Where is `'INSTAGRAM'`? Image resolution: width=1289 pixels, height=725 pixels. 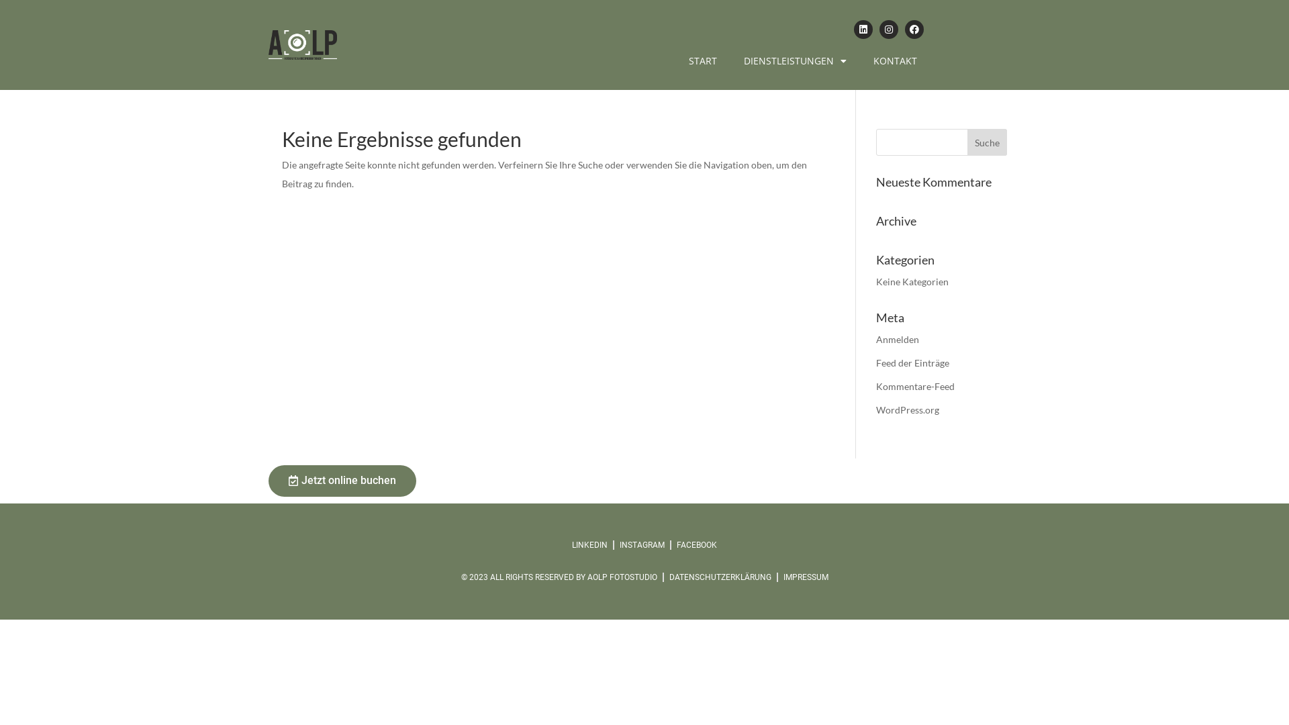
'INSTAGRAM' is located at coordinates (641, 545).